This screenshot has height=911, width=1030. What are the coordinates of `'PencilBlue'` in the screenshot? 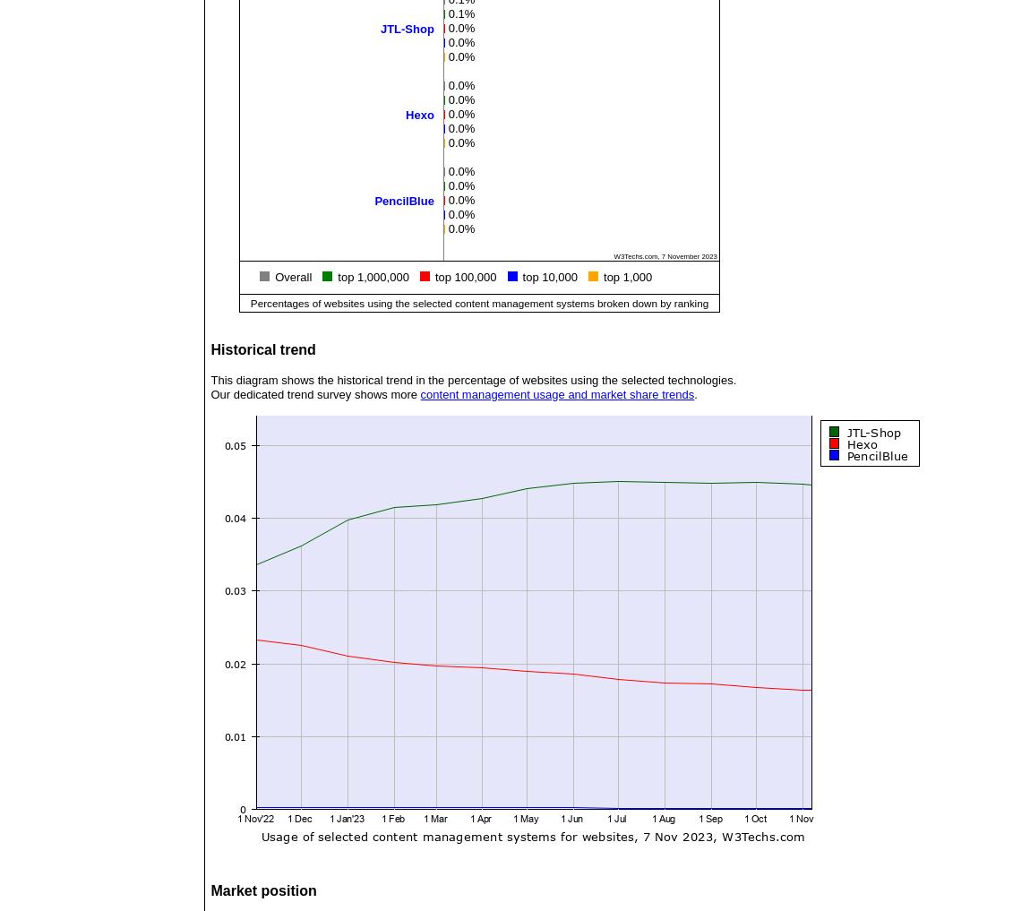 It's located at (374, 200).